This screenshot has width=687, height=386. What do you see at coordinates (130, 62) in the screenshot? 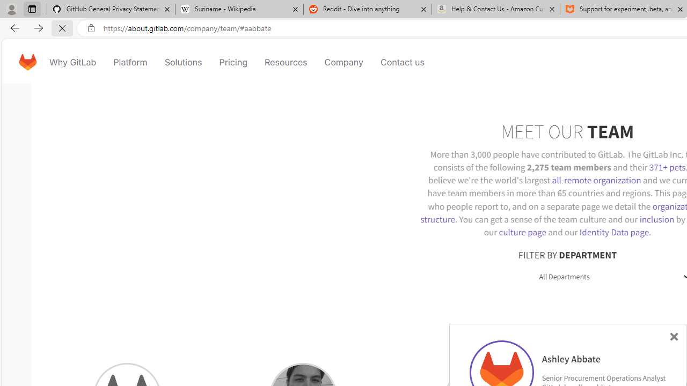
I see `'Platform'` at bounding box center [130, 62].